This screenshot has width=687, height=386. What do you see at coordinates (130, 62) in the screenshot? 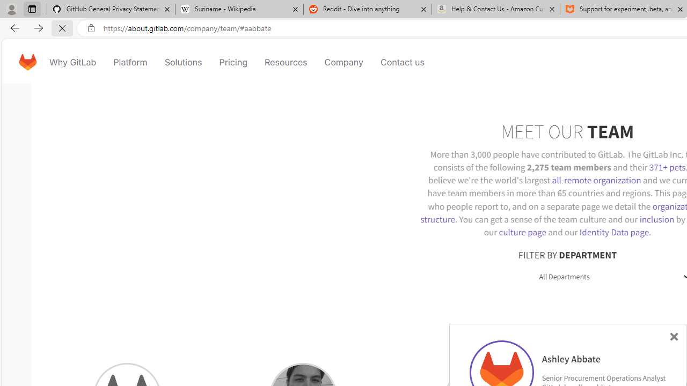
I see `'Platform'` at bounding box center [130, 62].